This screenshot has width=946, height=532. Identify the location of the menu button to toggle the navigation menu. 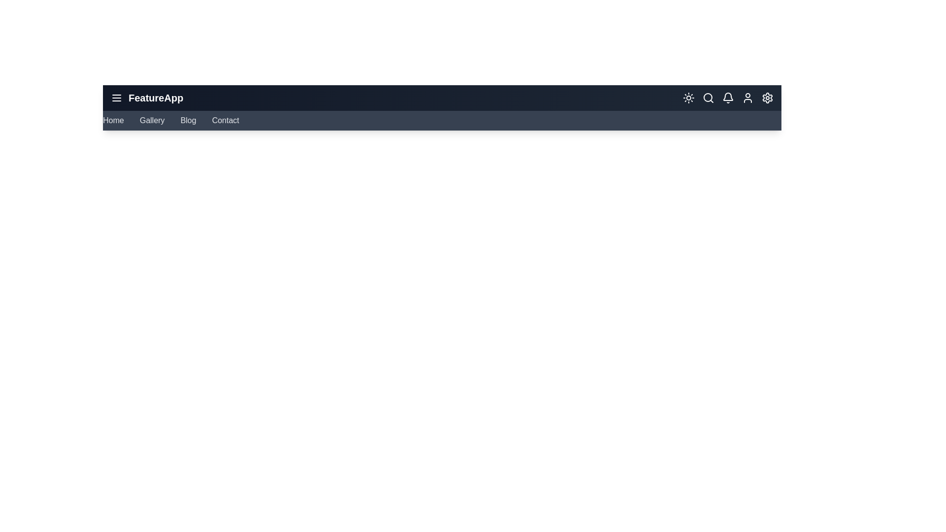
(116, 98).